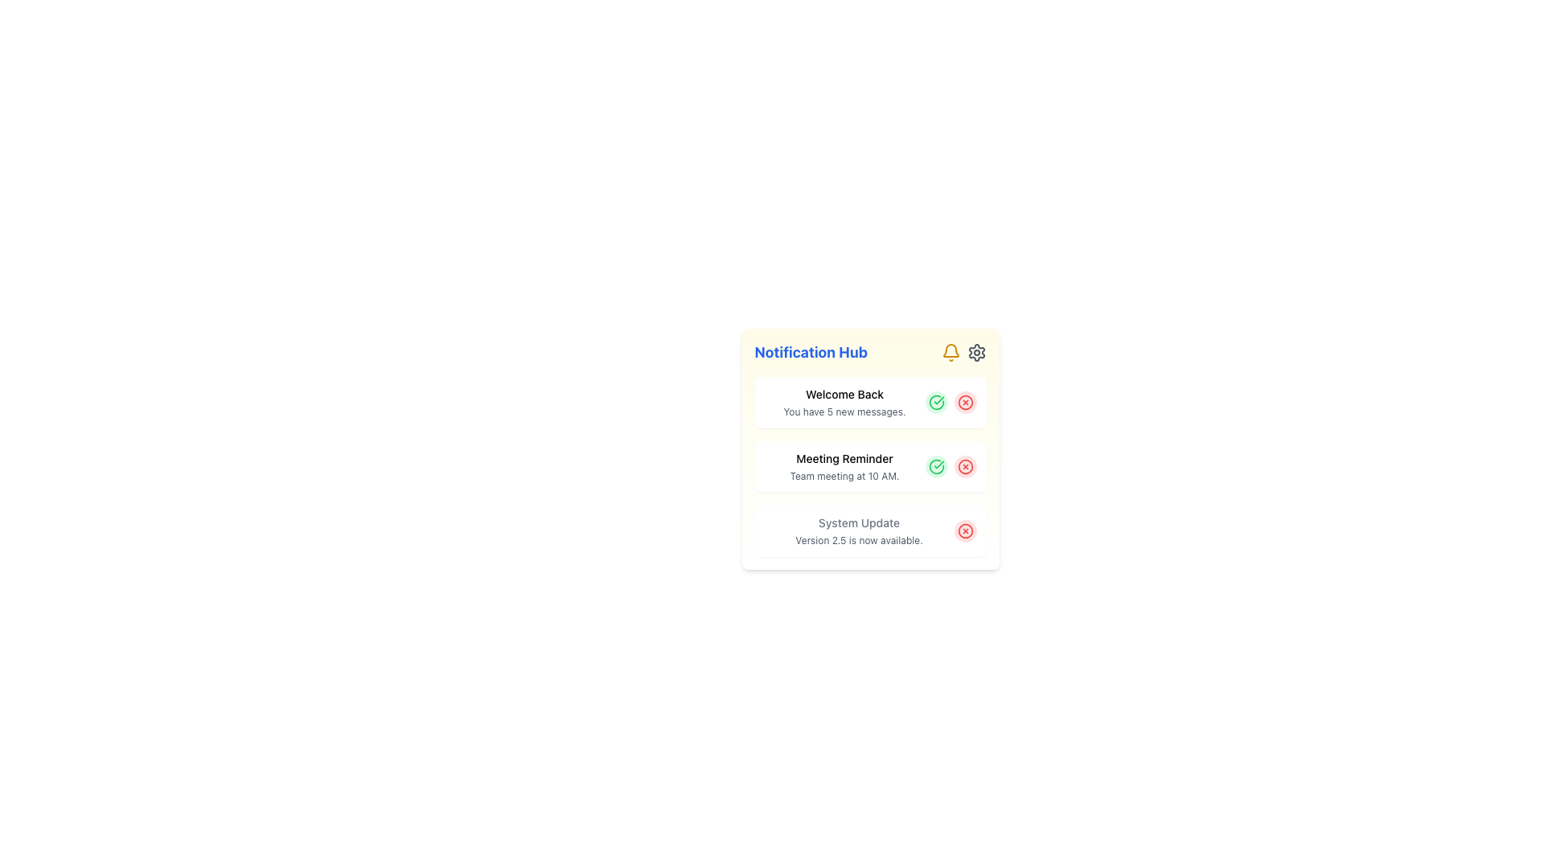 The height and width of the screenshot is (868, 1544). I want to click on the button group located in the bottom right corner of the 'Meeting Reminder' notification to approve or dismiss the notification, so click(951, 467).